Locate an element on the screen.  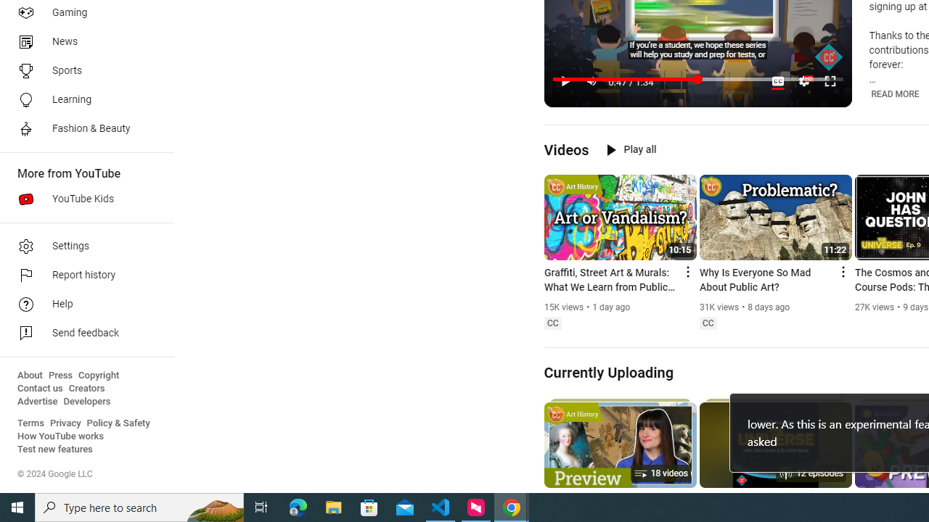
'Advertise' is located at coordinates (37, 402).